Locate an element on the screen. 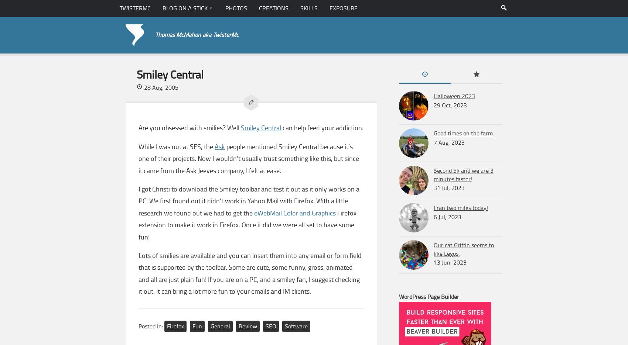  'Firefox' is located at coordinates (175, 325).